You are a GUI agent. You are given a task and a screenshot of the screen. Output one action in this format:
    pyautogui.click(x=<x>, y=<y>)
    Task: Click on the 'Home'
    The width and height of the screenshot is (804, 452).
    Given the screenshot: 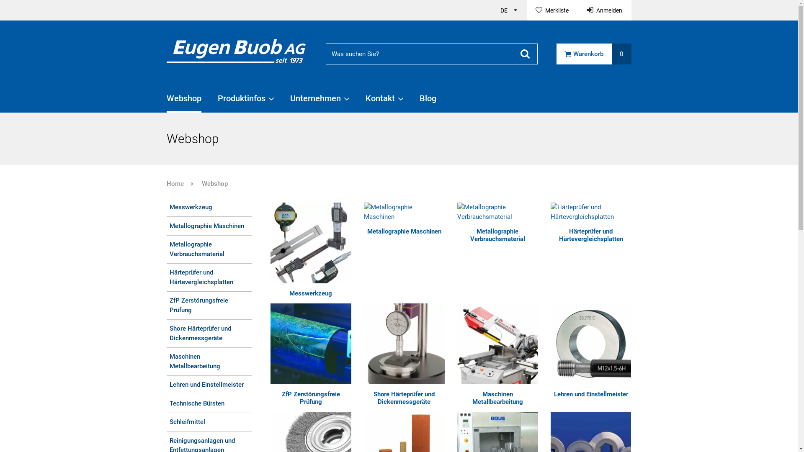 What is the action you would take?
    pyautogui.click(x=175, y=183)
    